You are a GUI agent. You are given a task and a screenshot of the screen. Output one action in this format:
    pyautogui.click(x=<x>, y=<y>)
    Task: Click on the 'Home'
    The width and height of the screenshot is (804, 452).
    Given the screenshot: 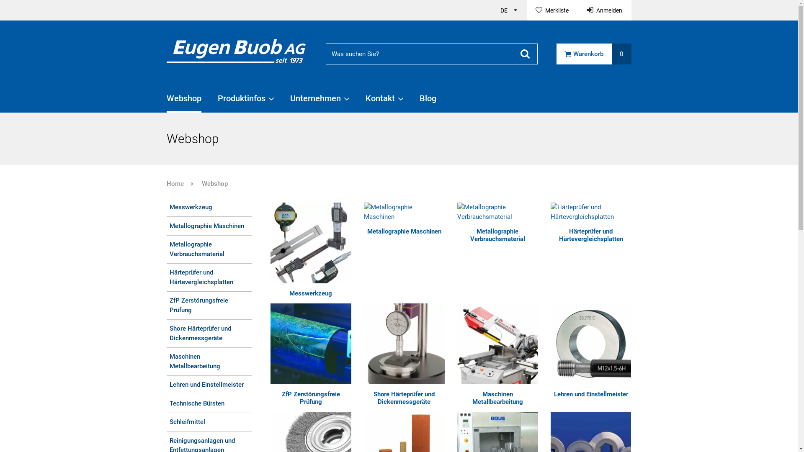 What is the action you would take?
    pyautogui.click(x=175, y=183)
    